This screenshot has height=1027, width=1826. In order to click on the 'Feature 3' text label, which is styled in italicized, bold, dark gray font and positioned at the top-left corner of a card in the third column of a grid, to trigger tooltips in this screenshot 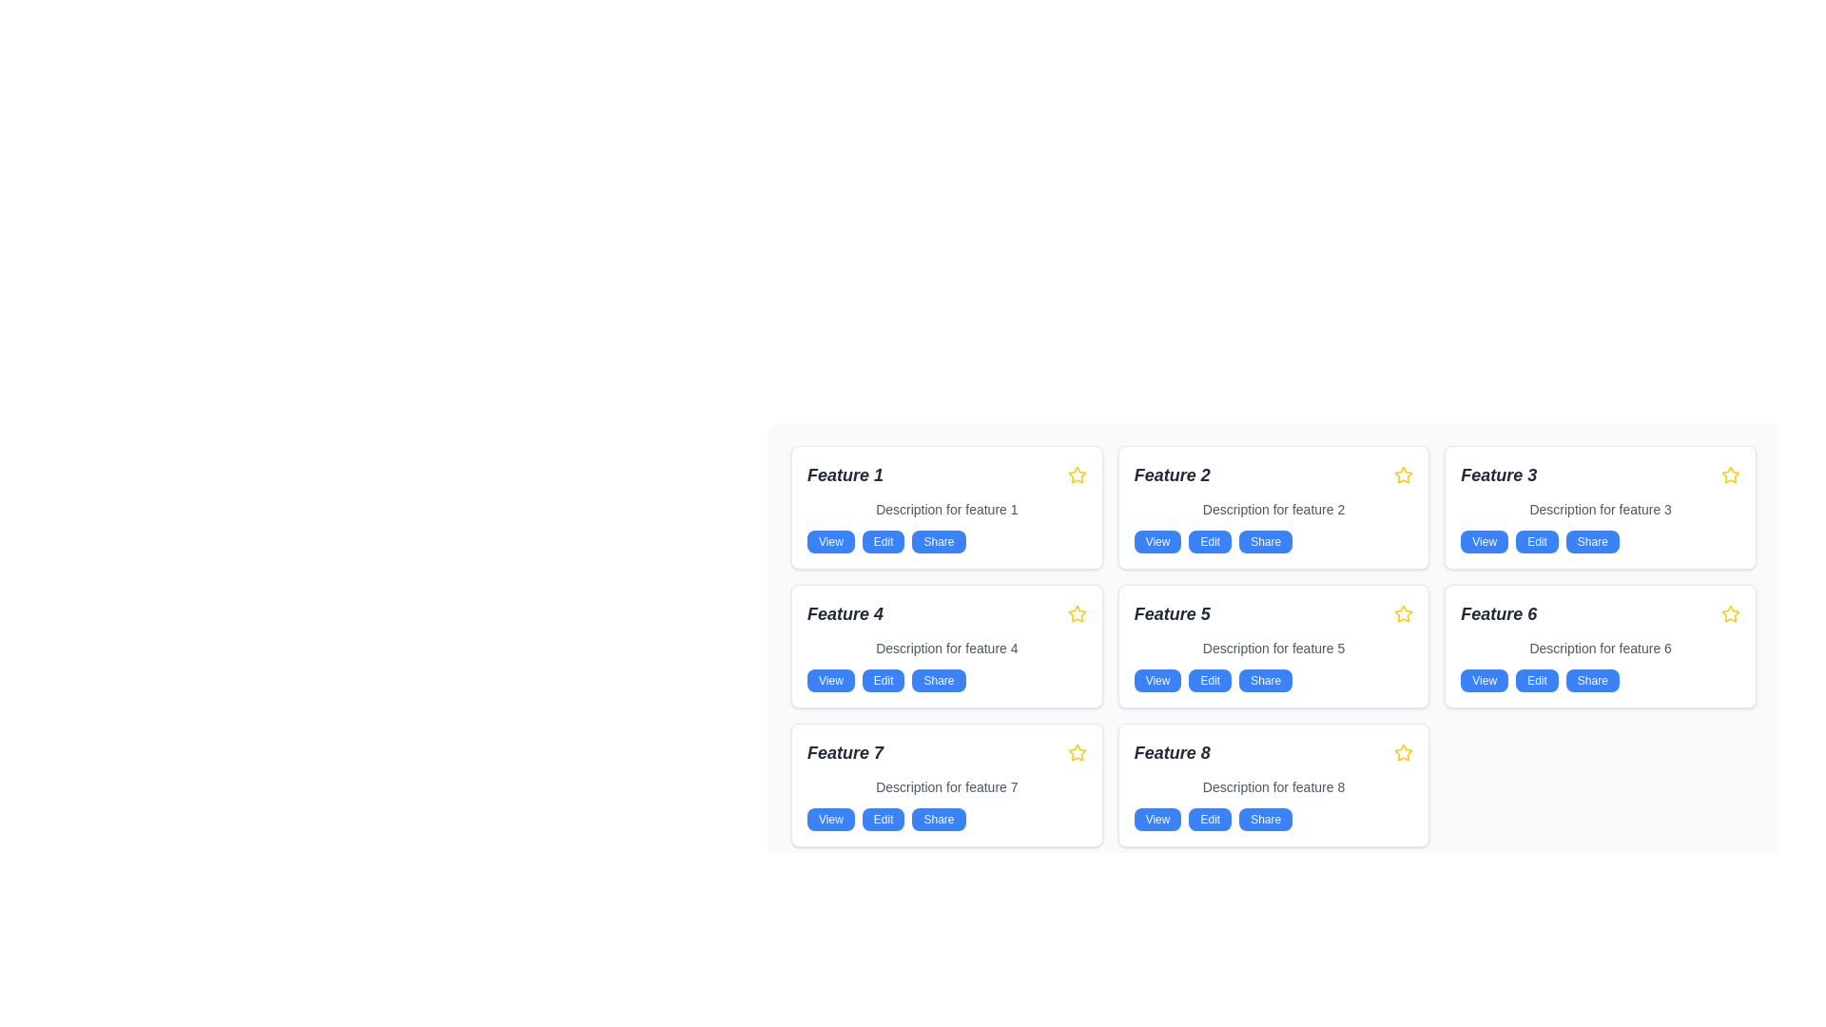, I will do `click(1498, 475)`.